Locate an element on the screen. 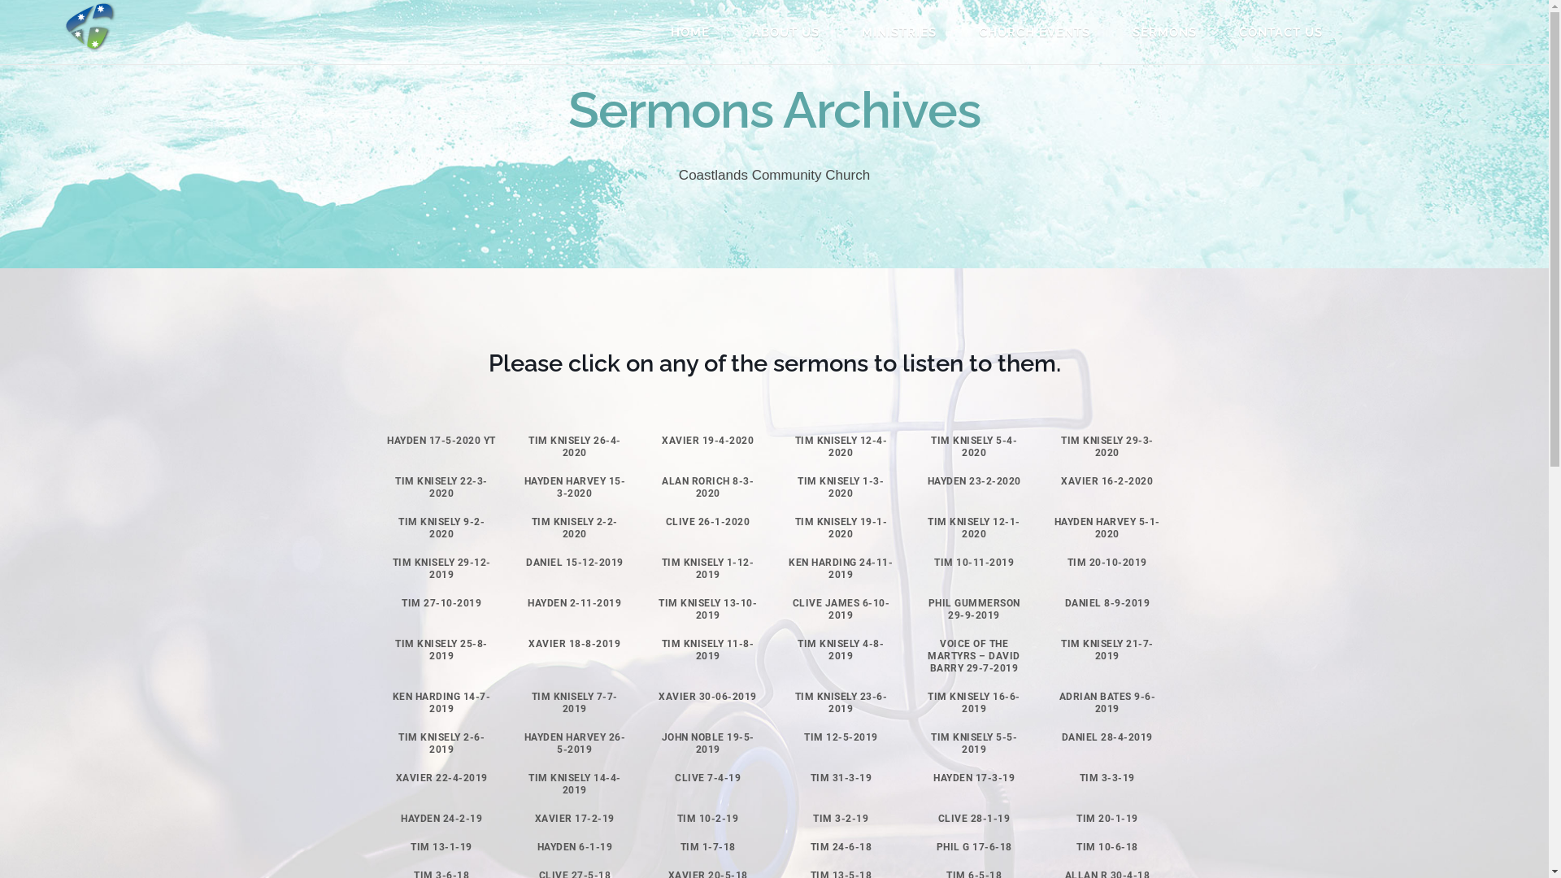 The image size is (1561, 878). 'ABOUT US' is located at coordinates (792, 32).